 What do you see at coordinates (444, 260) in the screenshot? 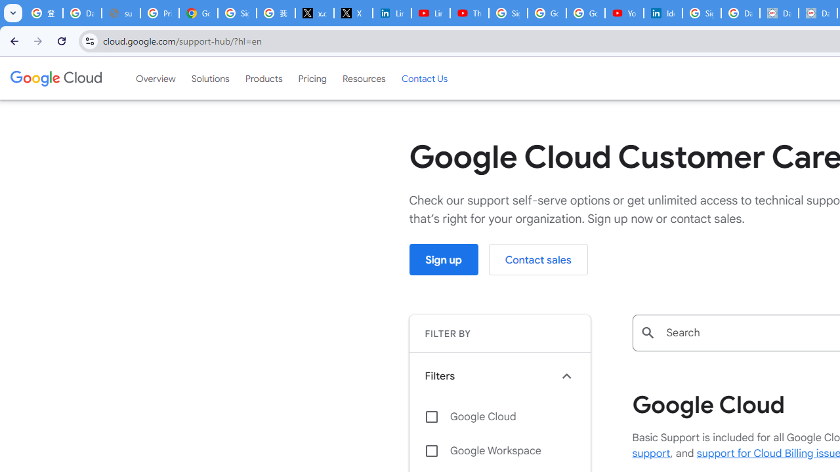
I see `'Sign up'` at bounding box center [444, 260].